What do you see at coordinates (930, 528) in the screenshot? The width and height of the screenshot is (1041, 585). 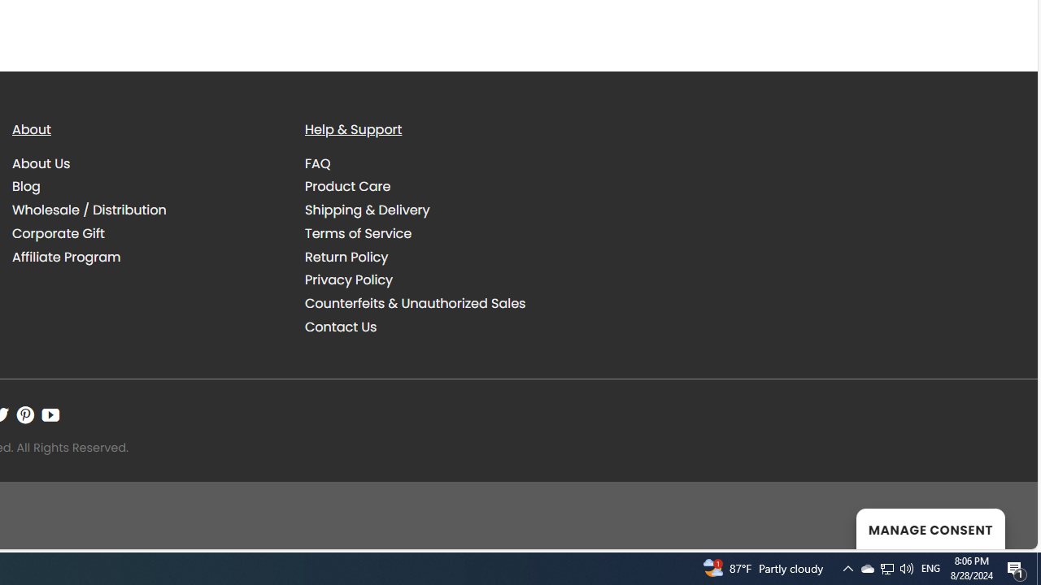 I see `'MANAGE CONSENT'` at bounding box center [930, 528].